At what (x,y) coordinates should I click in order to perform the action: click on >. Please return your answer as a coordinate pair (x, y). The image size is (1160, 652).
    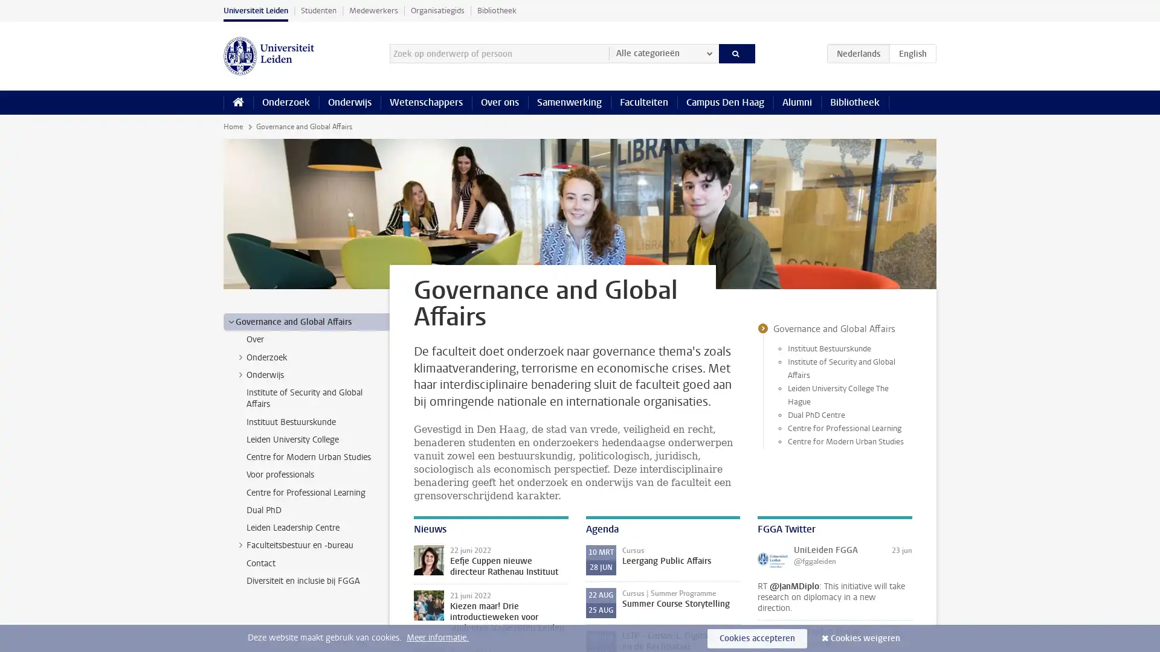
    Looking at the image, I should click on (231, 321).